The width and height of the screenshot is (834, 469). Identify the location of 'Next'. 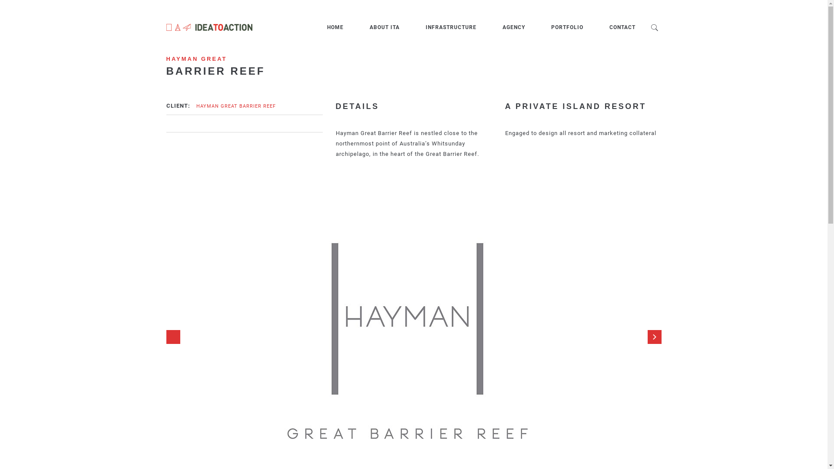
(654, 336).